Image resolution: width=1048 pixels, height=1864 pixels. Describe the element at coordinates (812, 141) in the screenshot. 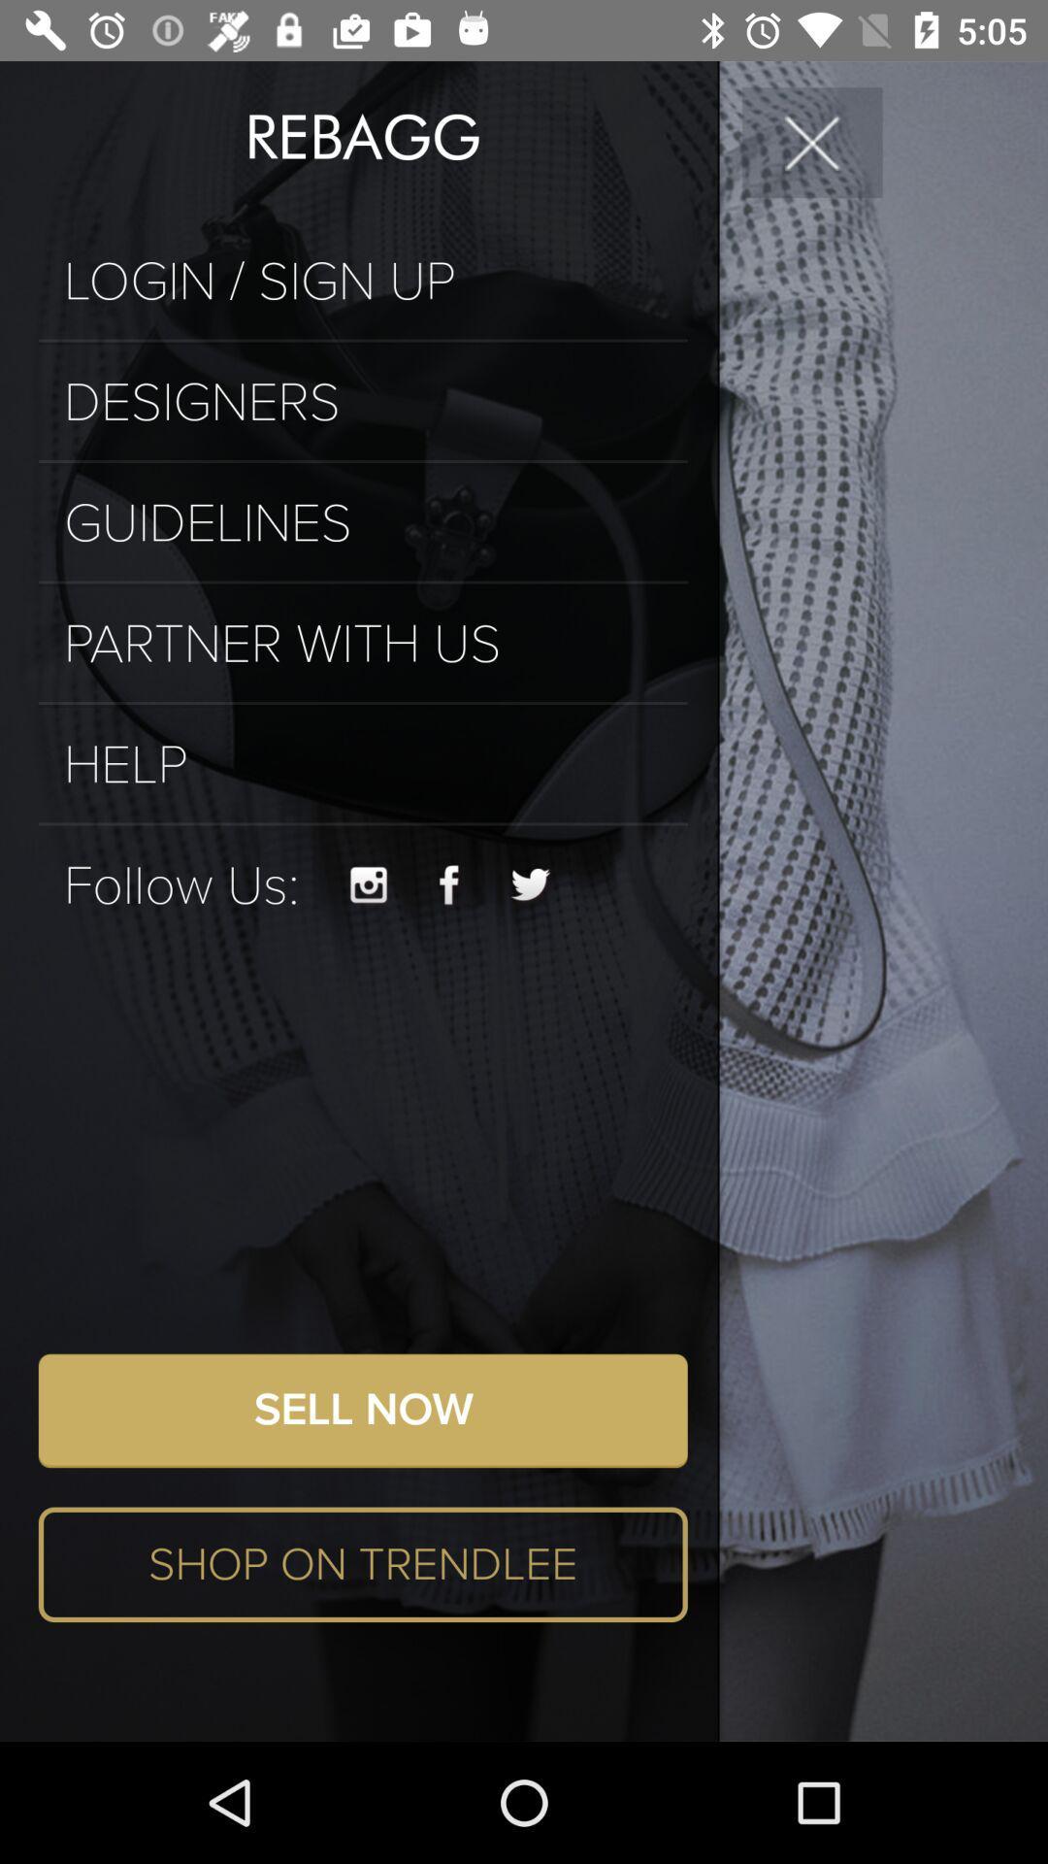

I see `option` at that location.